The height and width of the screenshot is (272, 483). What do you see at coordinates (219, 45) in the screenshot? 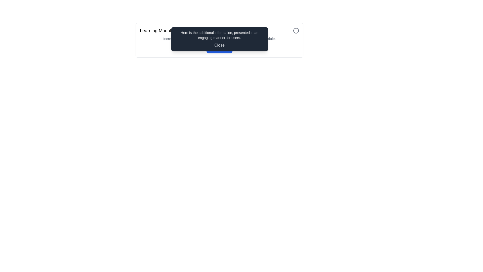
I see `the 'Close' button, which is light gray text on a dark background, located at the bottom of a modal` at bounding box center [219, 45].